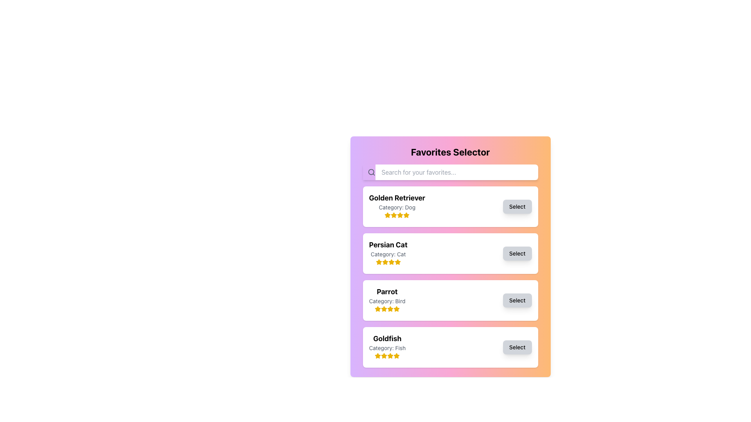  I want to click on the yellow star icon, which is the second star in the second rating row under the 'Persian Cat' section, so click(379, 262).